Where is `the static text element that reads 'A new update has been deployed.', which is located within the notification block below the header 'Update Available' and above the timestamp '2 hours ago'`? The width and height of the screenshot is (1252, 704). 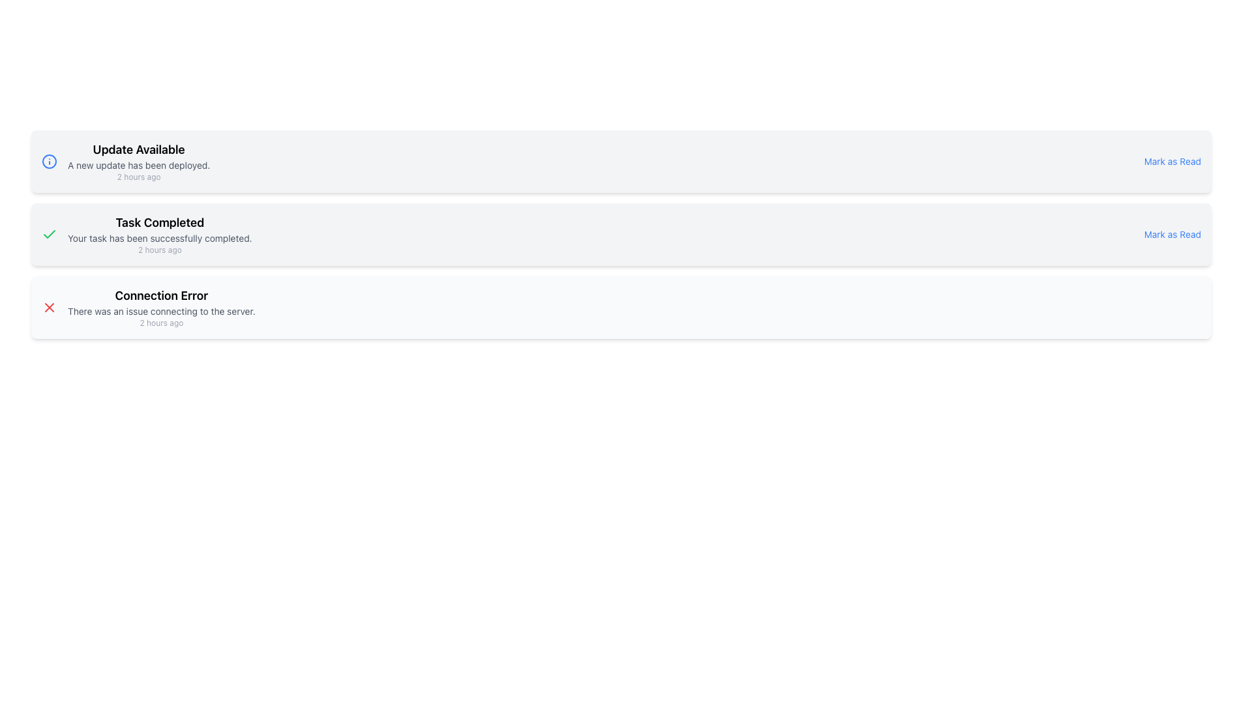
the static text element that reads 'A new update has been deployed.', which is located within the notification block below the header 'Update Available' and above the timestamp '2 hours ago' is located at coordinates (139, 165).